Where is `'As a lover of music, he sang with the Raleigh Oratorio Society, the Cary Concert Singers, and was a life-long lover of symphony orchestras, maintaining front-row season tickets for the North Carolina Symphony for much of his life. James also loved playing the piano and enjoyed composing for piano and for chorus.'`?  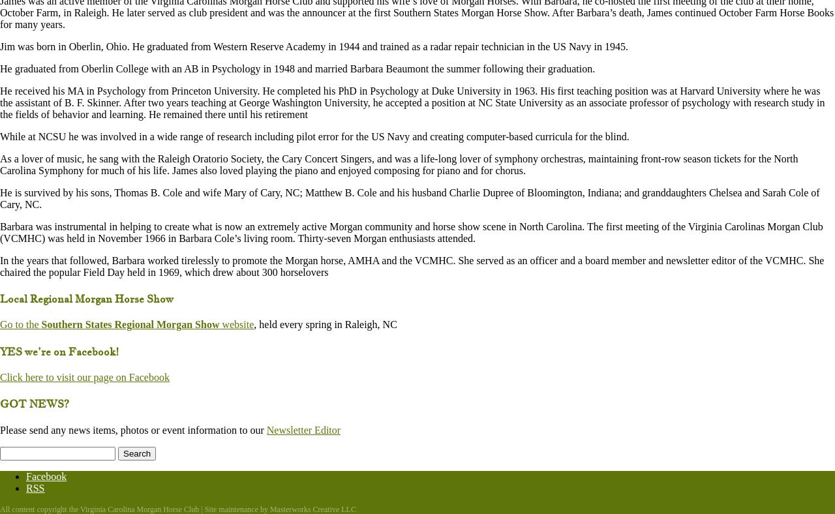 'As a lover of music, he sang with the Raleigh Oratorio Society, the Cary Concert Singers, and was a life-long lover of symphony orchestras, maintaining front-row season tickets for the North Carolina Symphony for much of his life. James also loved playing the piano and enjoyed composing for piano and for chorus.' is located at coordinates (398, 163).